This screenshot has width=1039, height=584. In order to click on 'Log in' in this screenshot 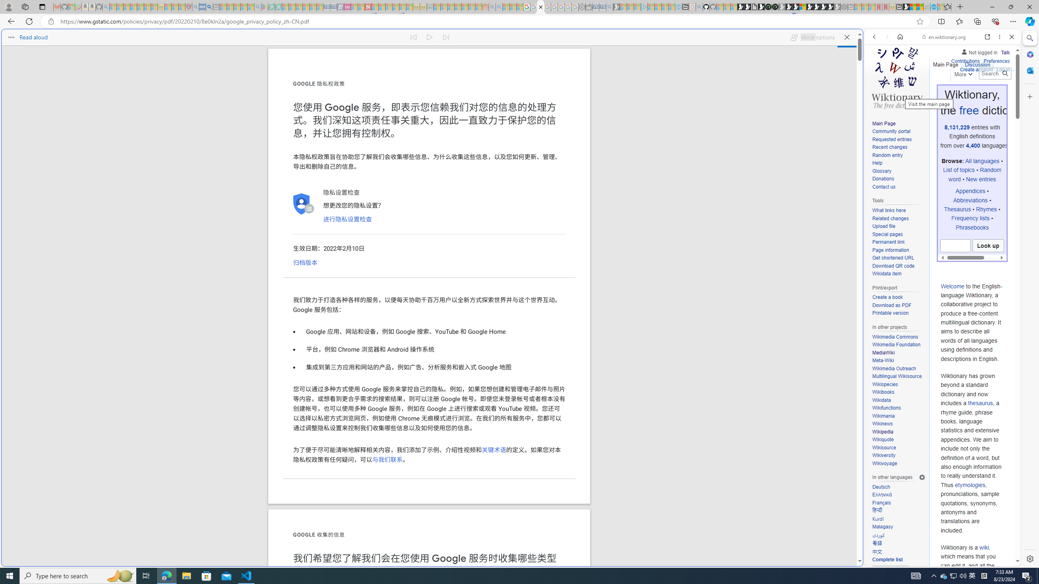, I will do `click(1002, 68)`.